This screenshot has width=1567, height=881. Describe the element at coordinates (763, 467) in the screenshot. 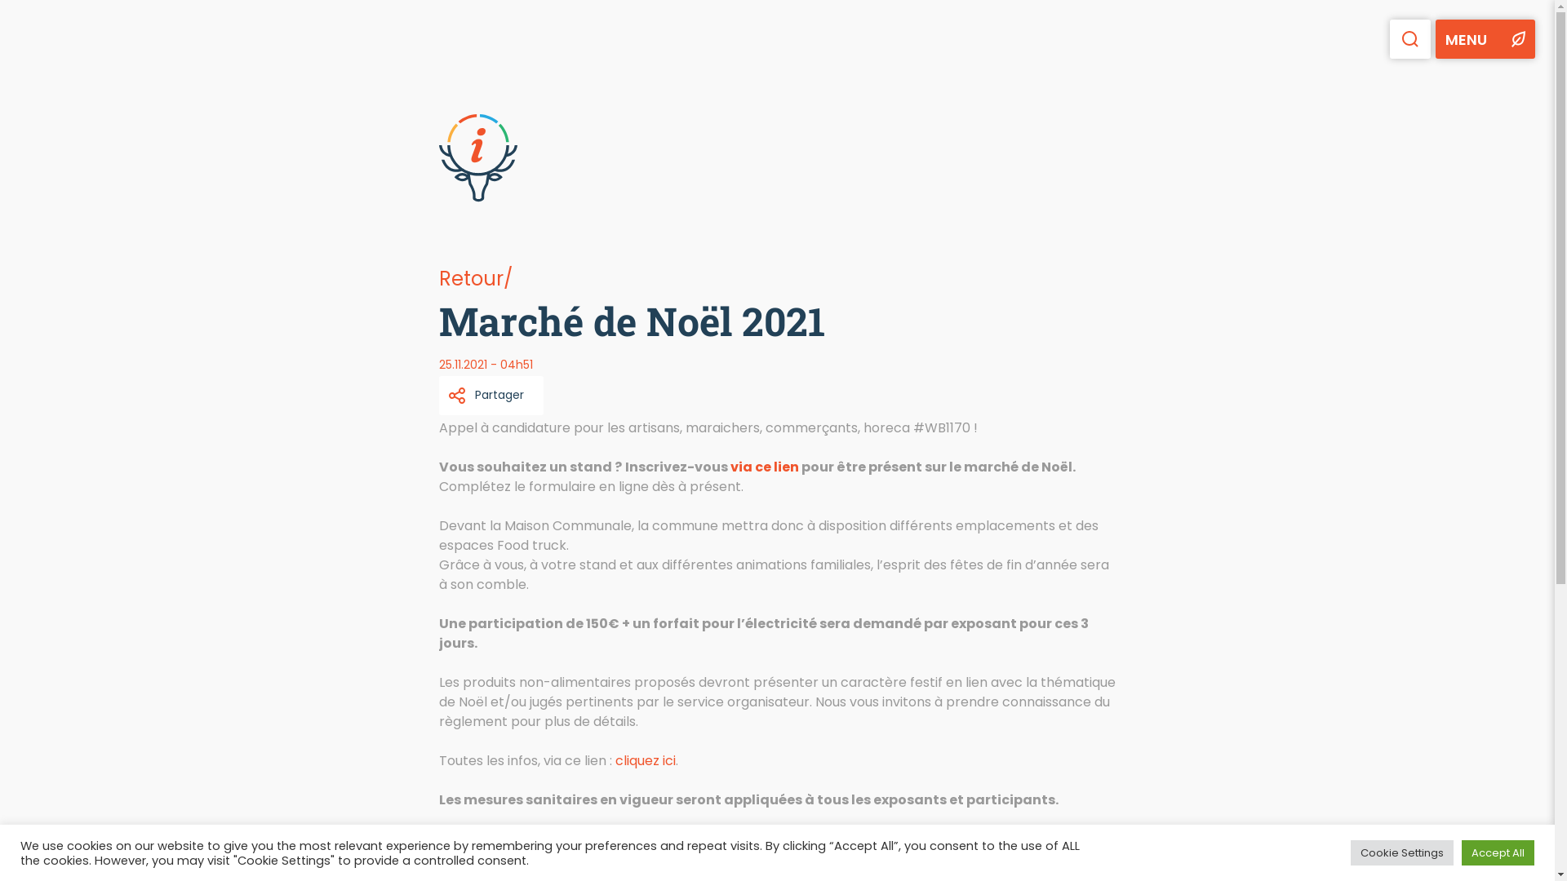

I see `'via ce lien'` at that location.